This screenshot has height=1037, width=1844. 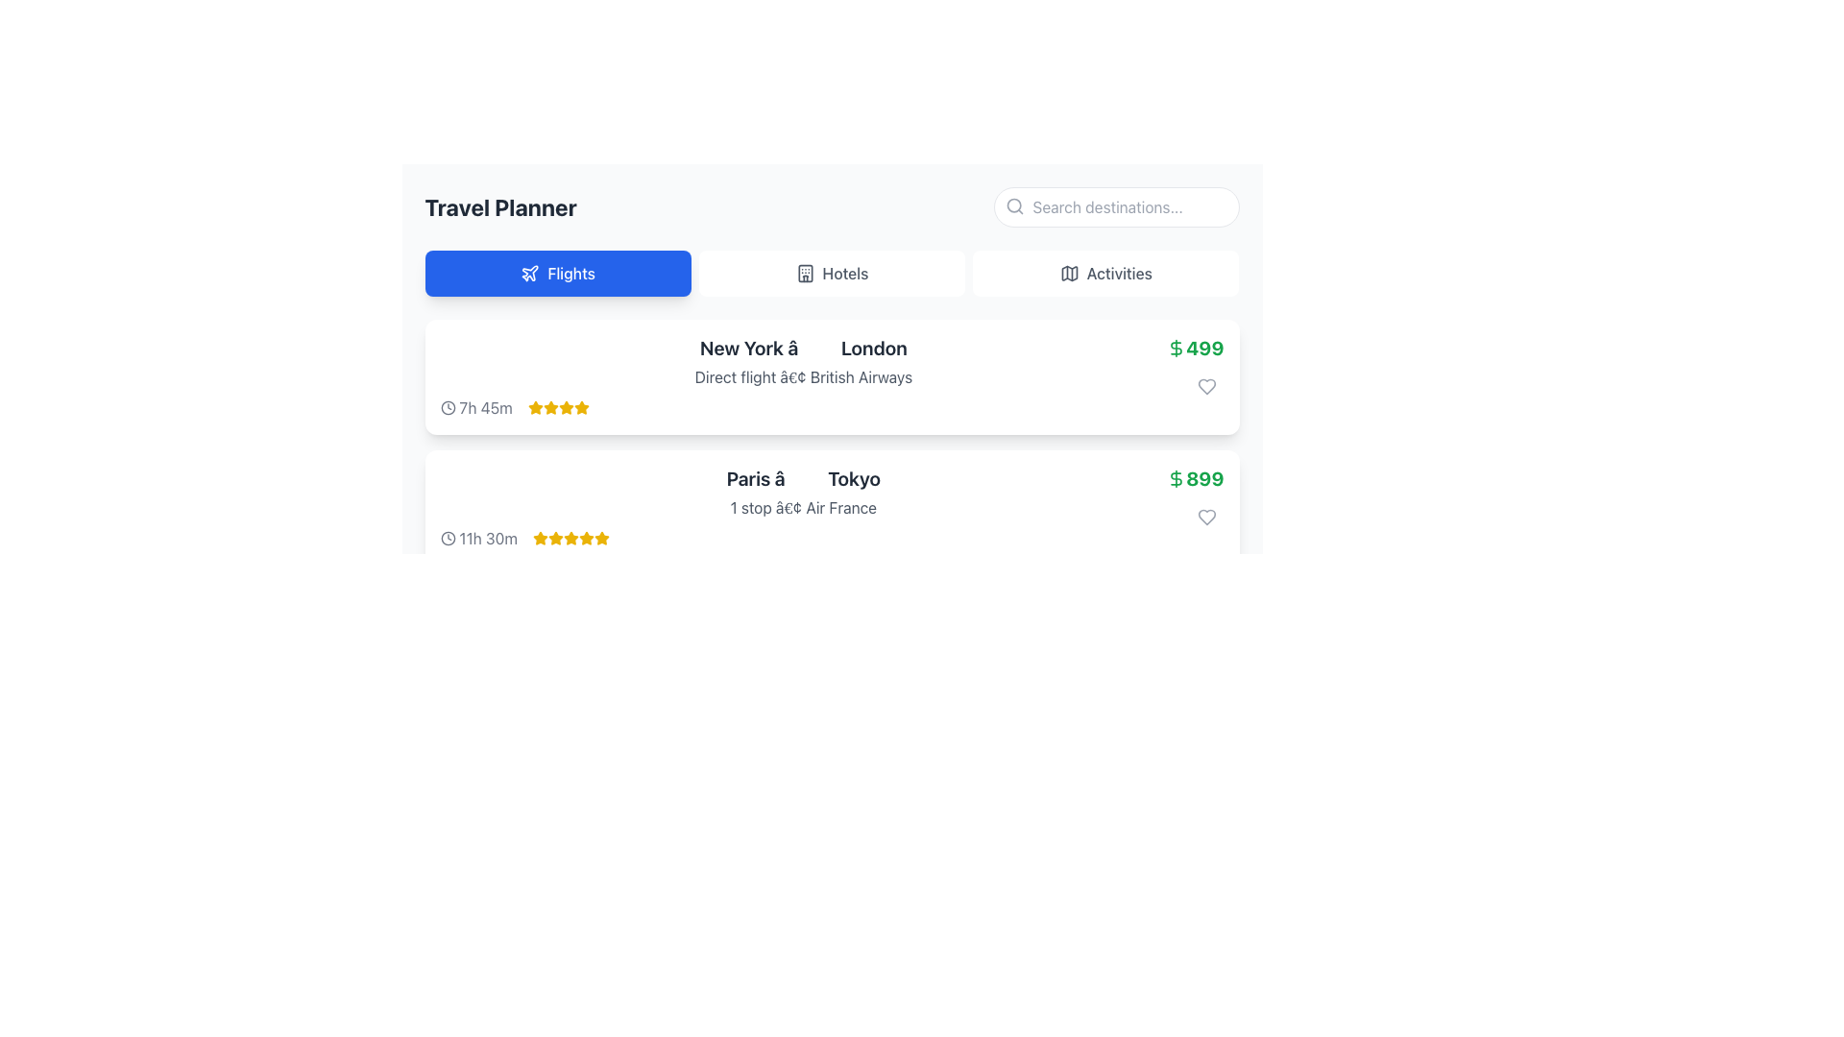 What do you see at coordinates (1194, 477) in the screenshot?
I see `the price text label '$899' styled in bold green font next to the dollar sign icon in the second flight result card` at bounding box center [1194, 477].